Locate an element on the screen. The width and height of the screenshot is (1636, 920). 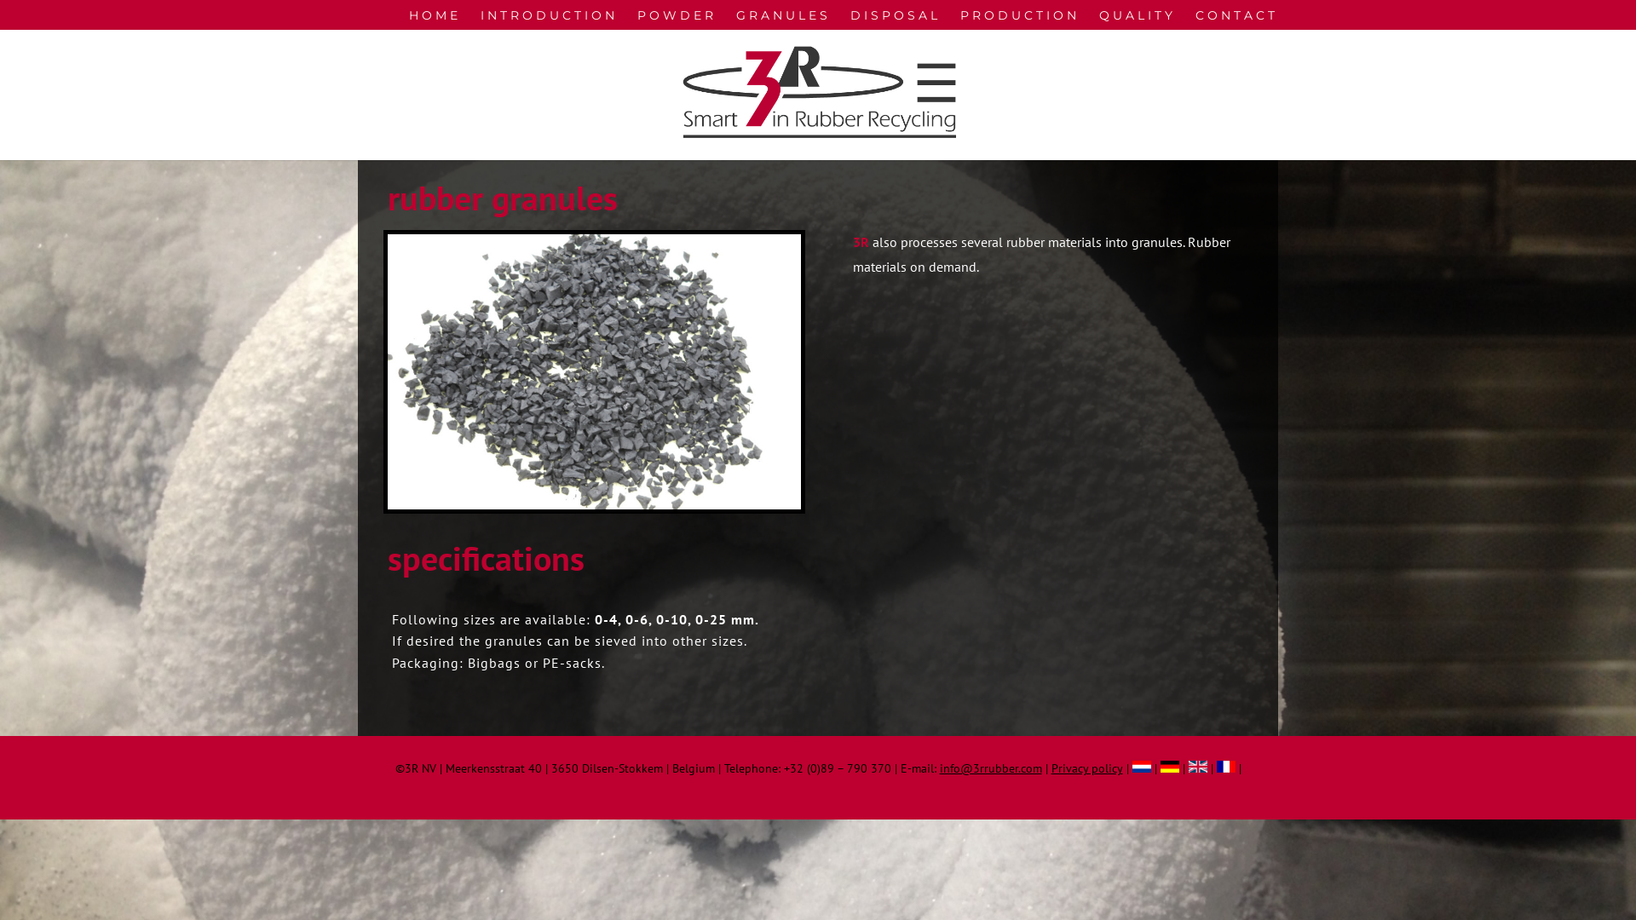
'HOME' is located at coordinates (435, 19).